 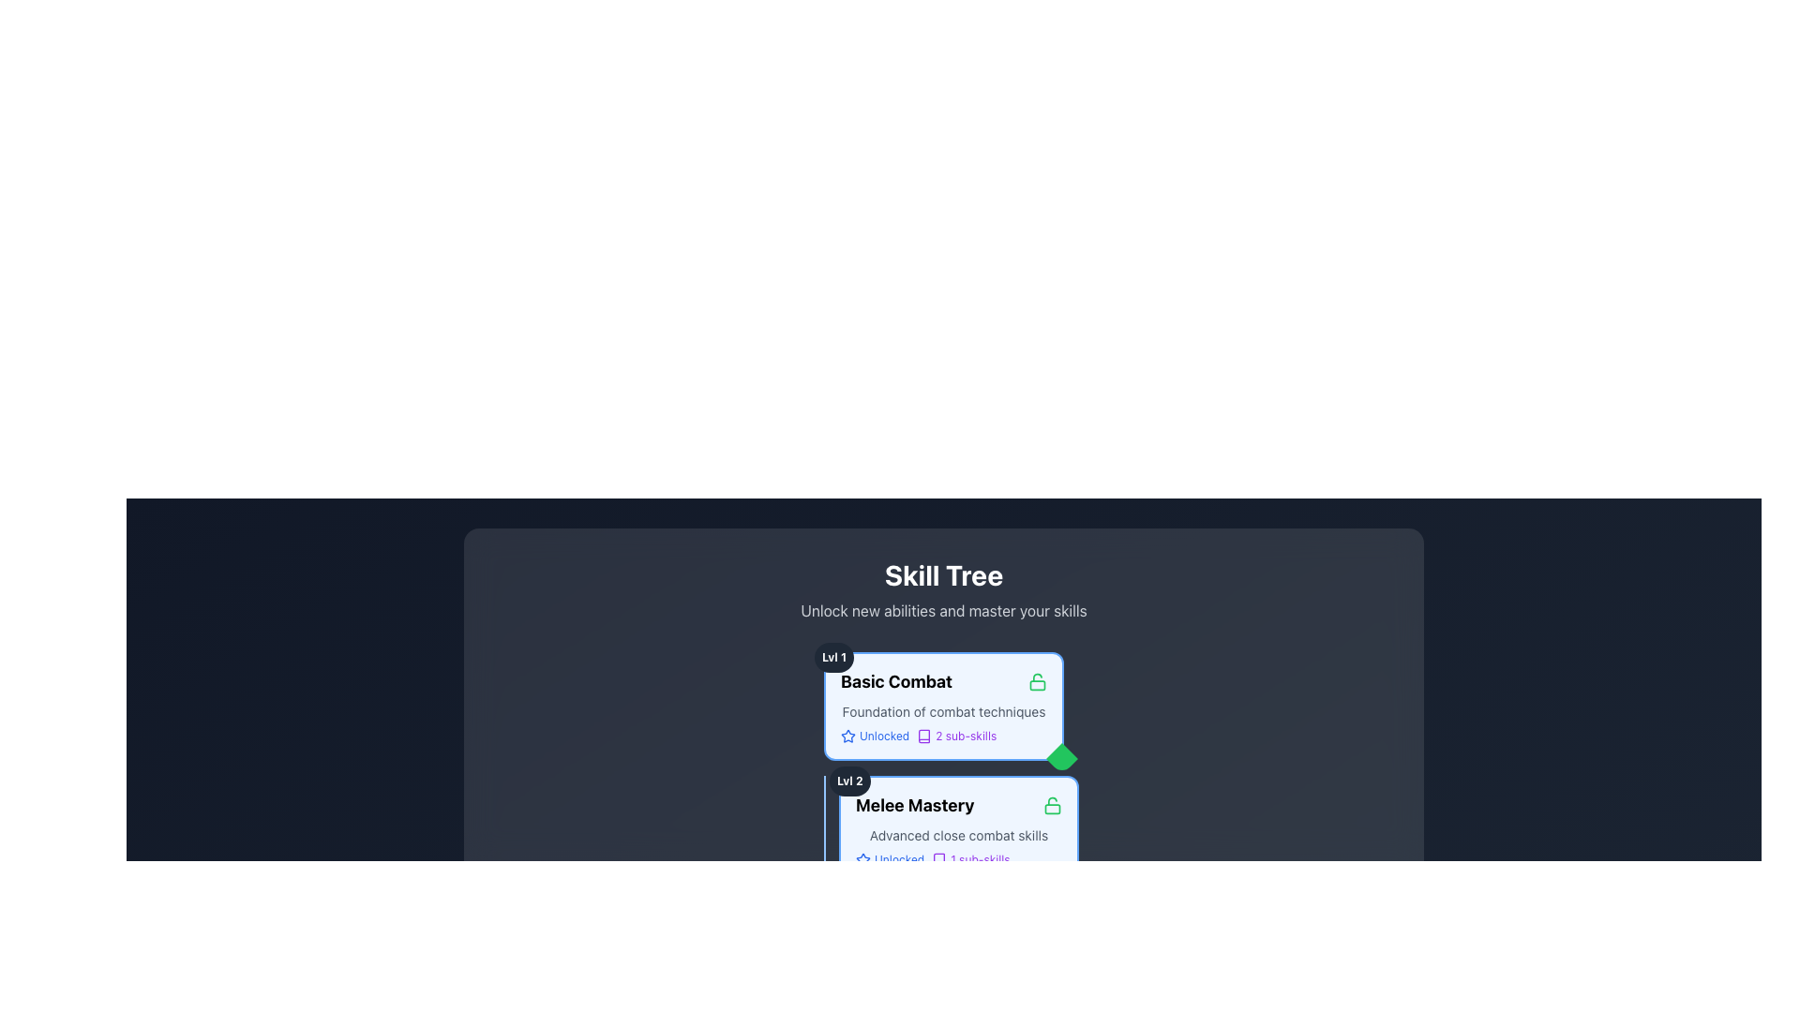 What do you see at coordinates (958, 860) in the screenshot?
I see `informational text that displays 'Unlocked' with a star icon on the left and '1 sub-skills' with a book icon on the right, located near the bottom of the 'Melee Mastery' section in the skill tree interface` at bounding box center [958, 860].